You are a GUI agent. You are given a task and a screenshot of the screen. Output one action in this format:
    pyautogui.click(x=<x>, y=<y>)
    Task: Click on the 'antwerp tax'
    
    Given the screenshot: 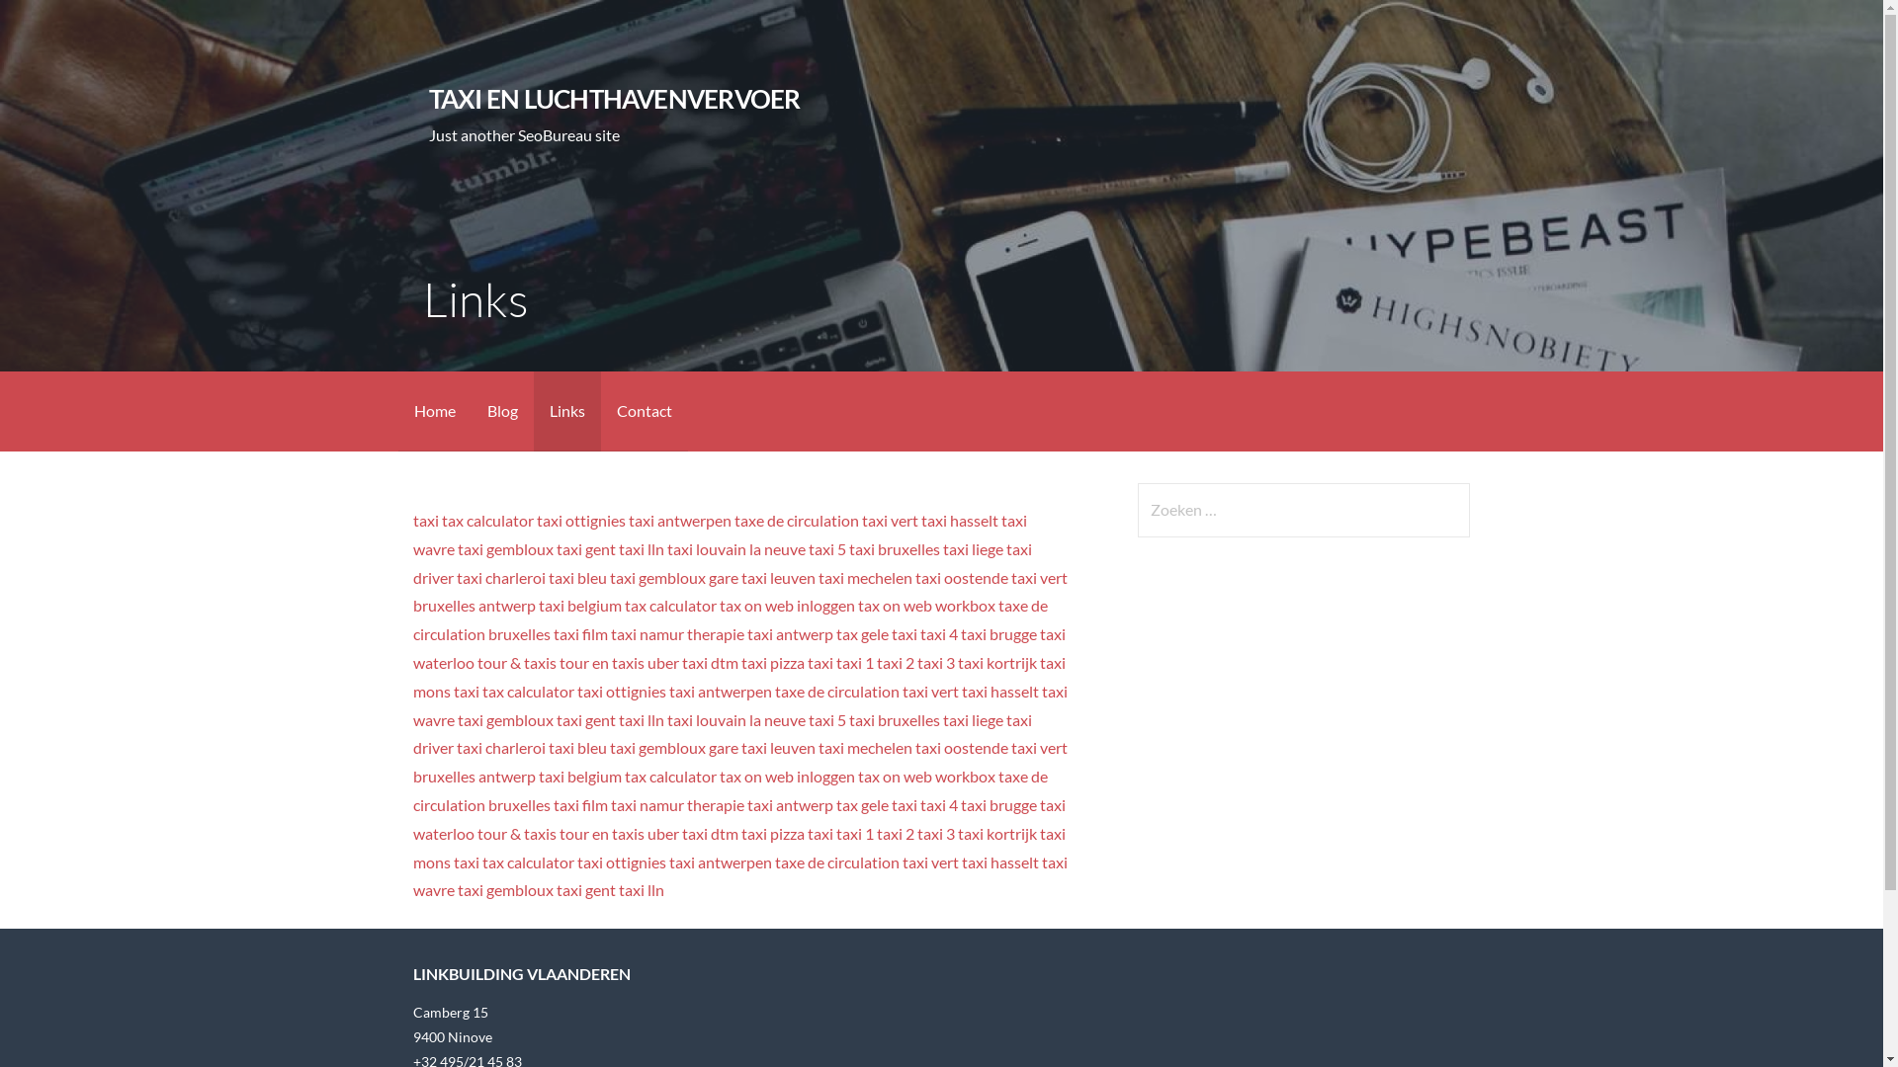 What is the action you would take?
    pyautogui.click(x=817, y=633)
    